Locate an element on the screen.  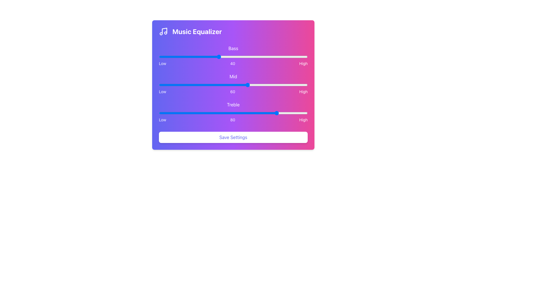
the static label indicating the upper limit of the slider's range, which is positioned at the rightmost end of the slider scale and follows the middle numeric value '60' is located at coordinates (303, 91).